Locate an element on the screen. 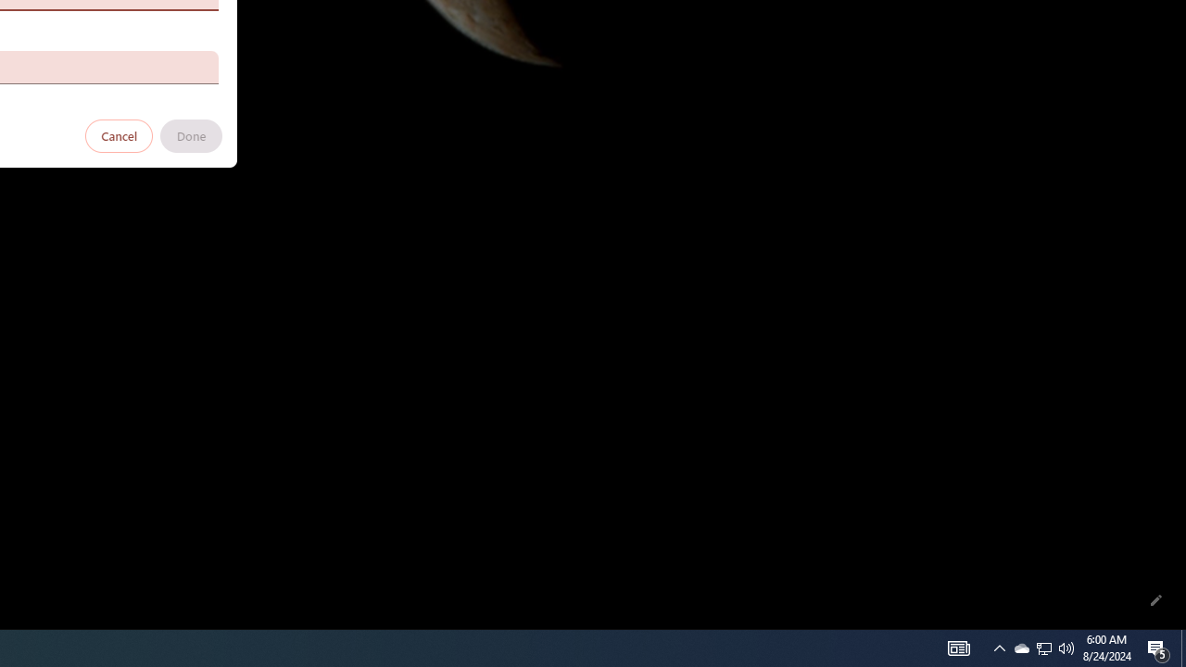 This screenshot has width=1186, height=667. 'Cancel' is located at coordinates (119, 134).